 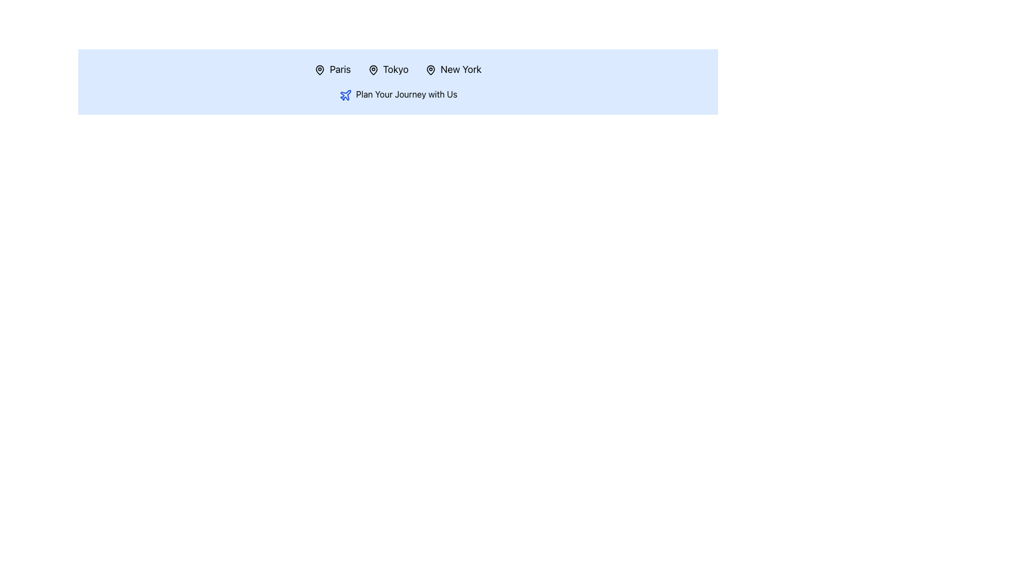 What do you see at coordinates (387, 70) in the screenshot?
I see `the 'Tokyo' text label` at bounding box center [387, 70].